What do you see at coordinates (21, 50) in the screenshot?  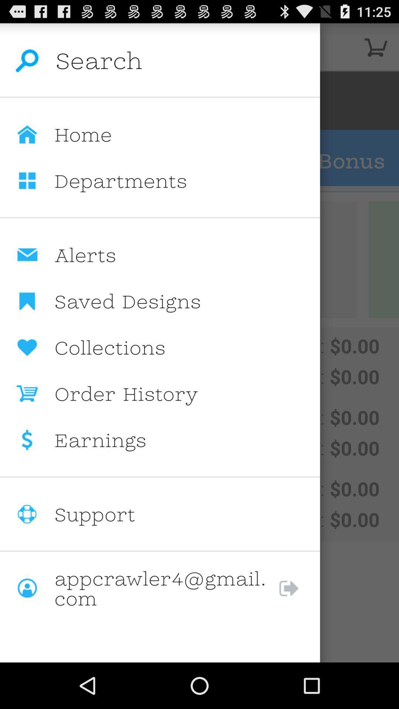 I see `the search icon` at bounding box center [21, 50].